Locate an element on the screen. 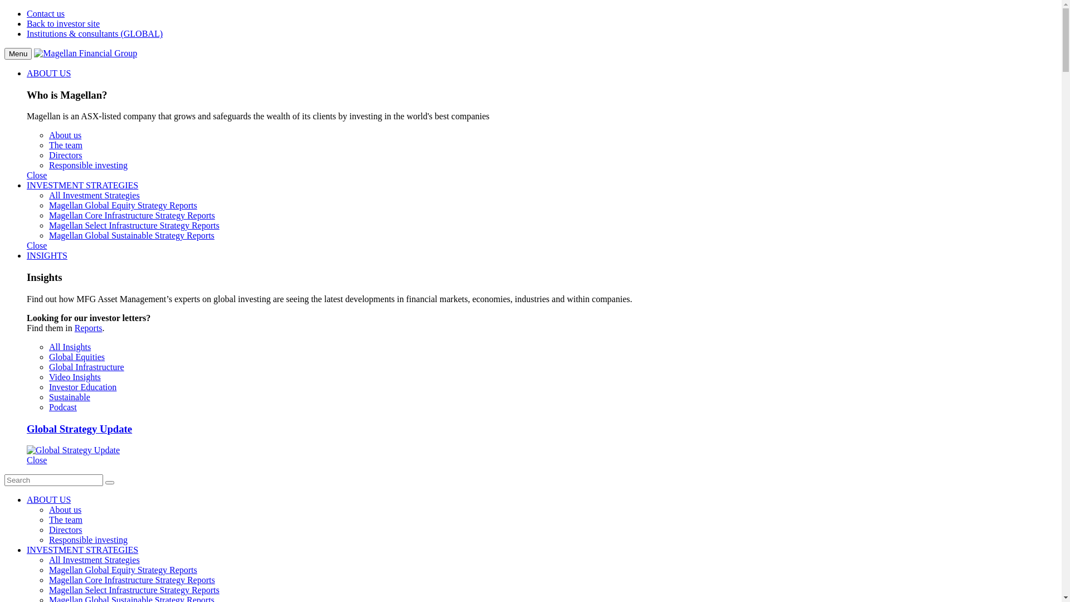  'Magellan Core Infrastructure Strategy' is located at coordinates (118, 579).